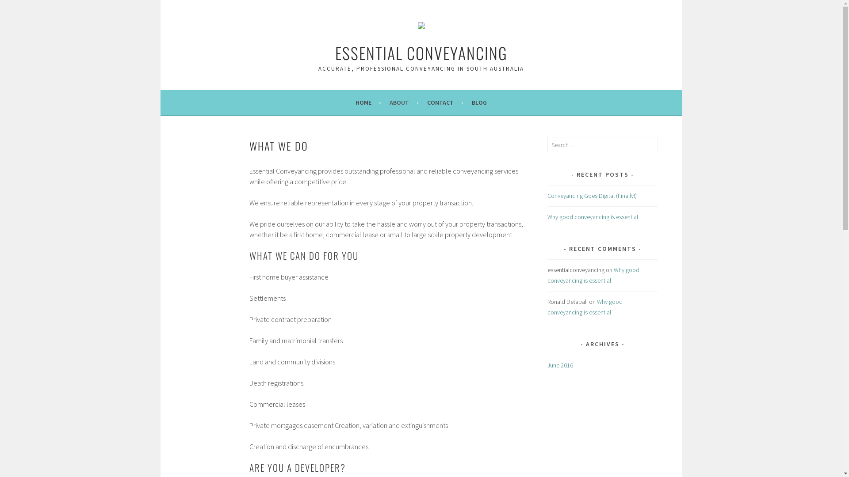 This screenshot has width=849, height=477. What do you see at coordinates (593, 275) in the screenshot?
I see `'Why good conveyancing is essential  '` at bounding box center [593, 275].